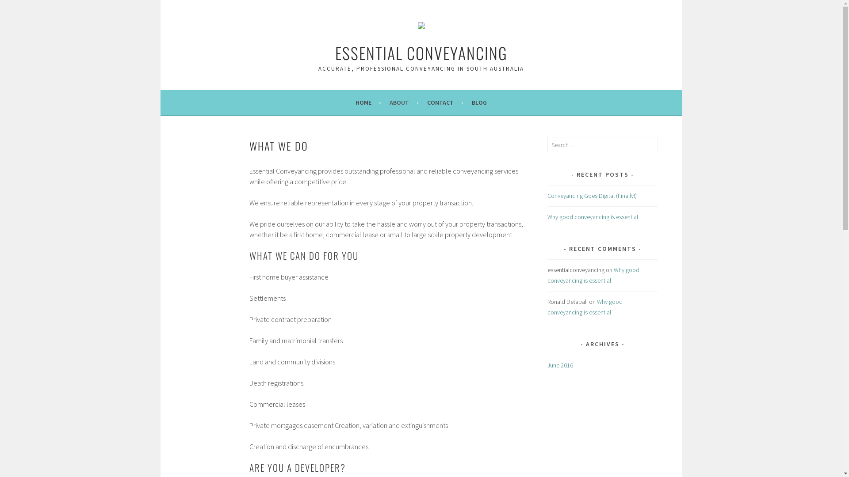 This screenshot has width=849, height=477. What do you see at coordinates (593, 275) in the screenshot?
I see `'Why good conveyancing is essential  '` at bounding box center [593, 275].